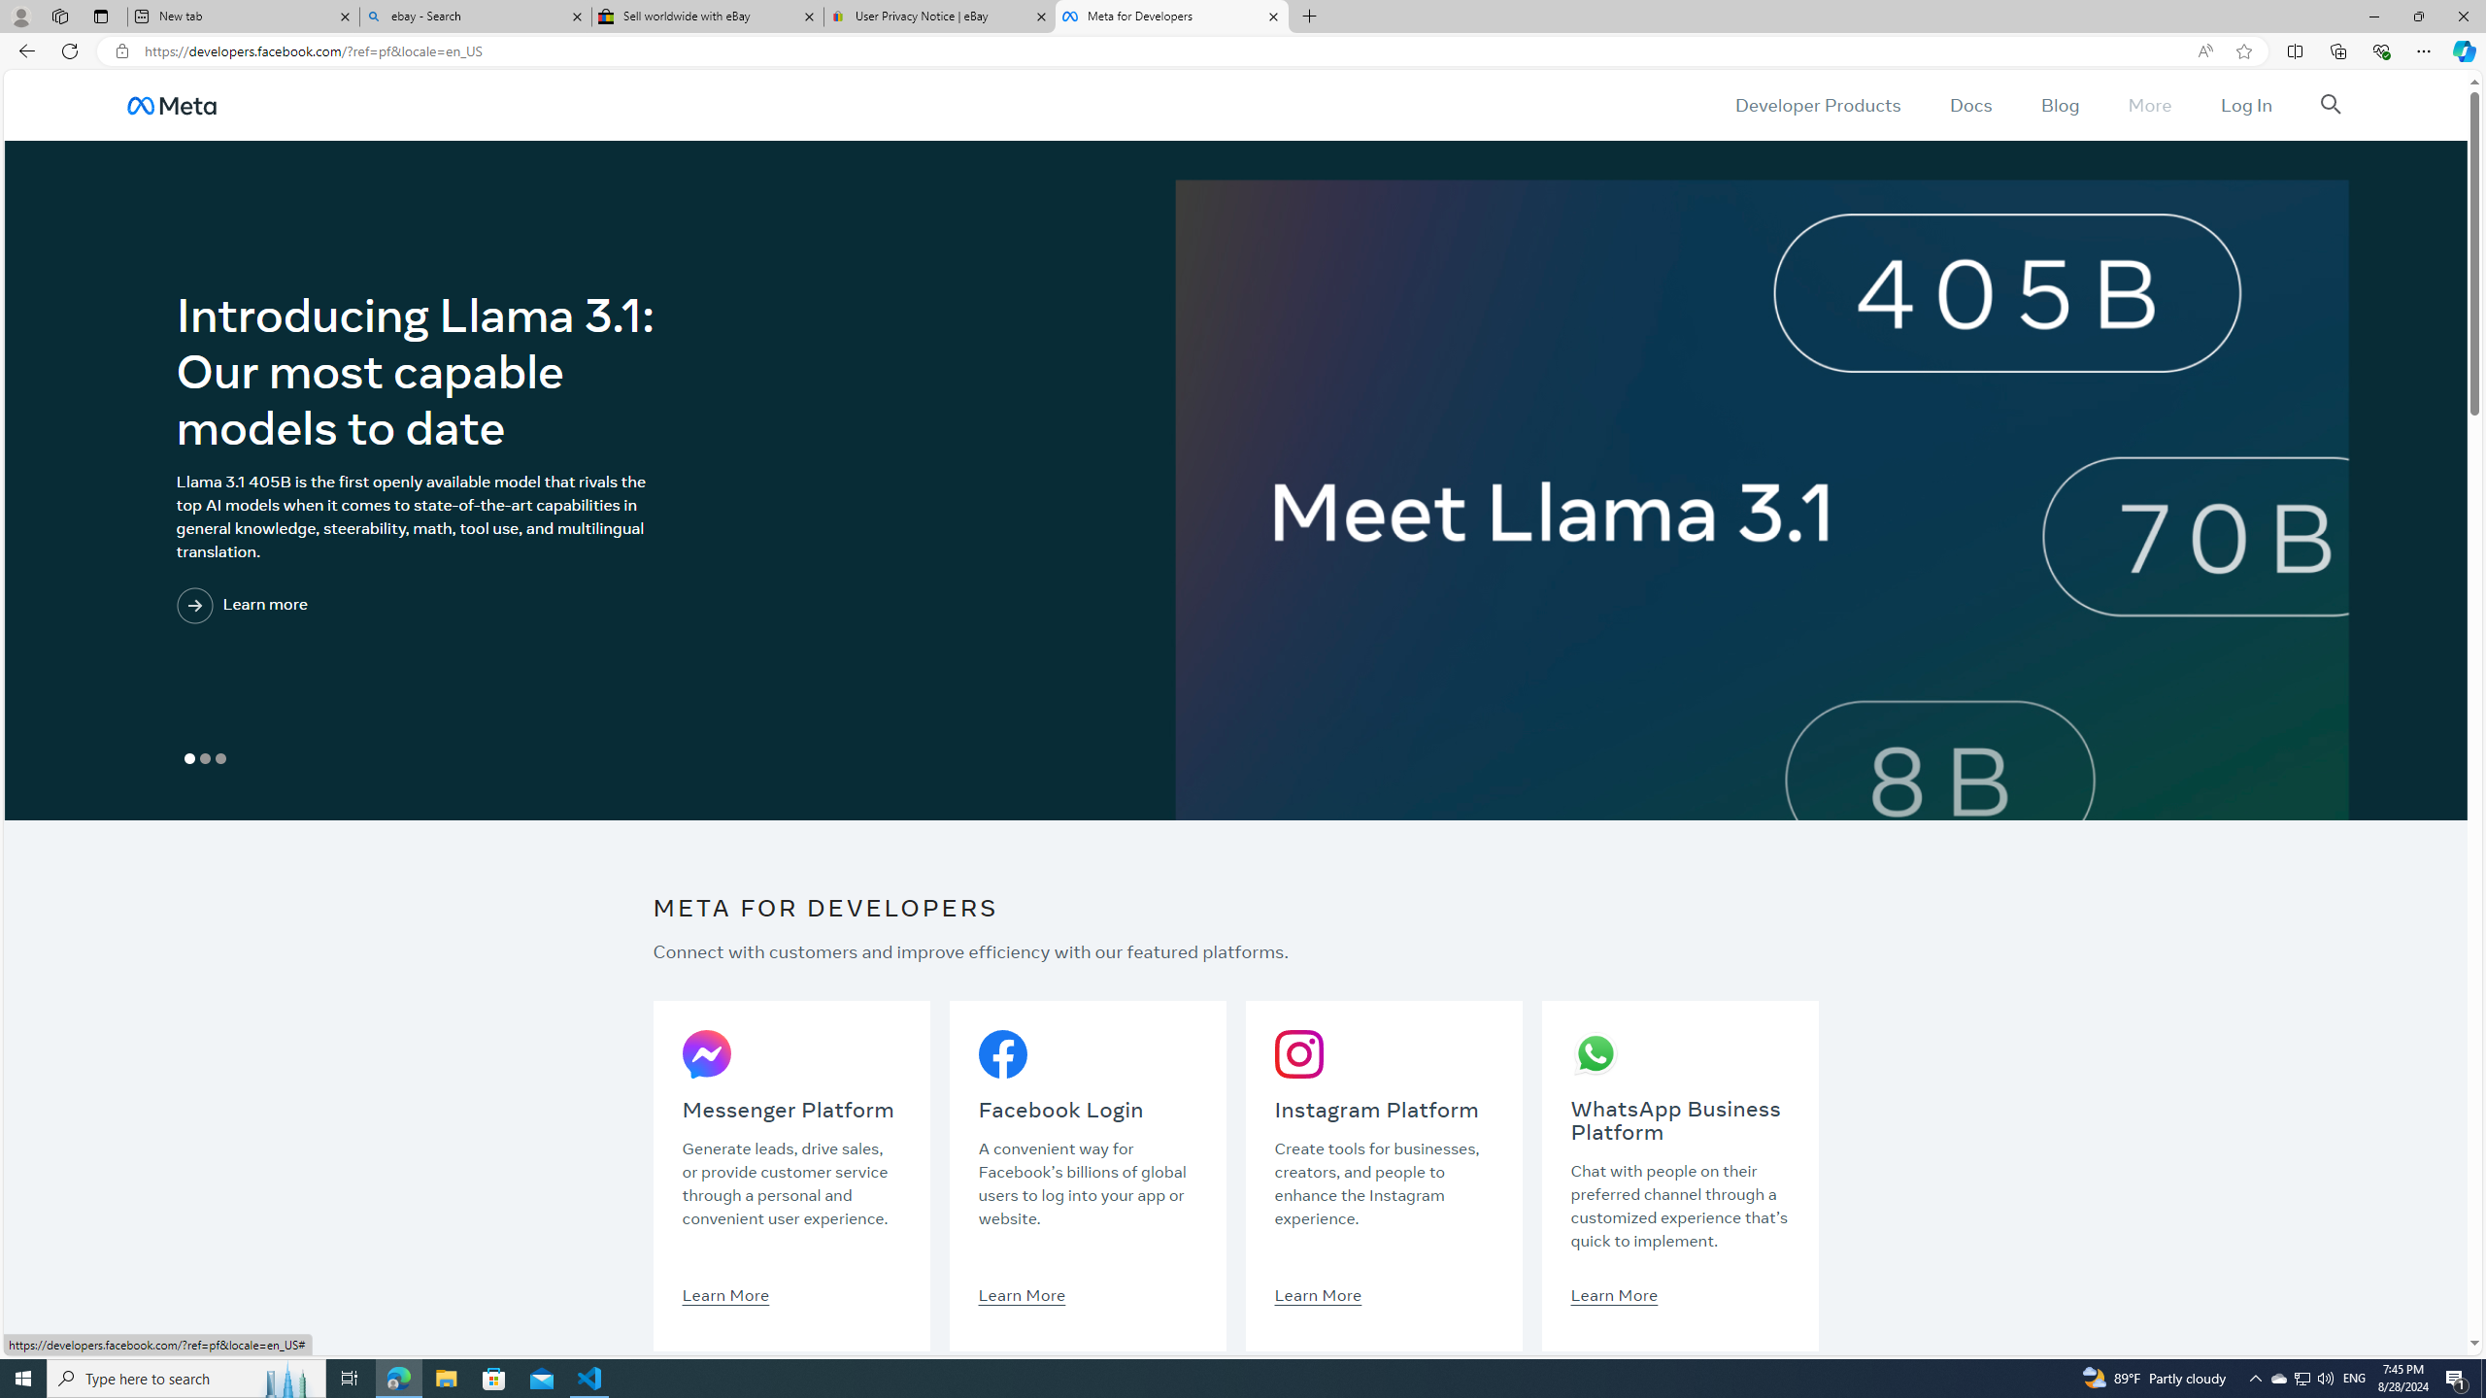 The image size is (2486, 1398). What do you see at coordinates (2058, 104) in the screenshot?
I see `'Blog'` at bounding box center [2058, 104].